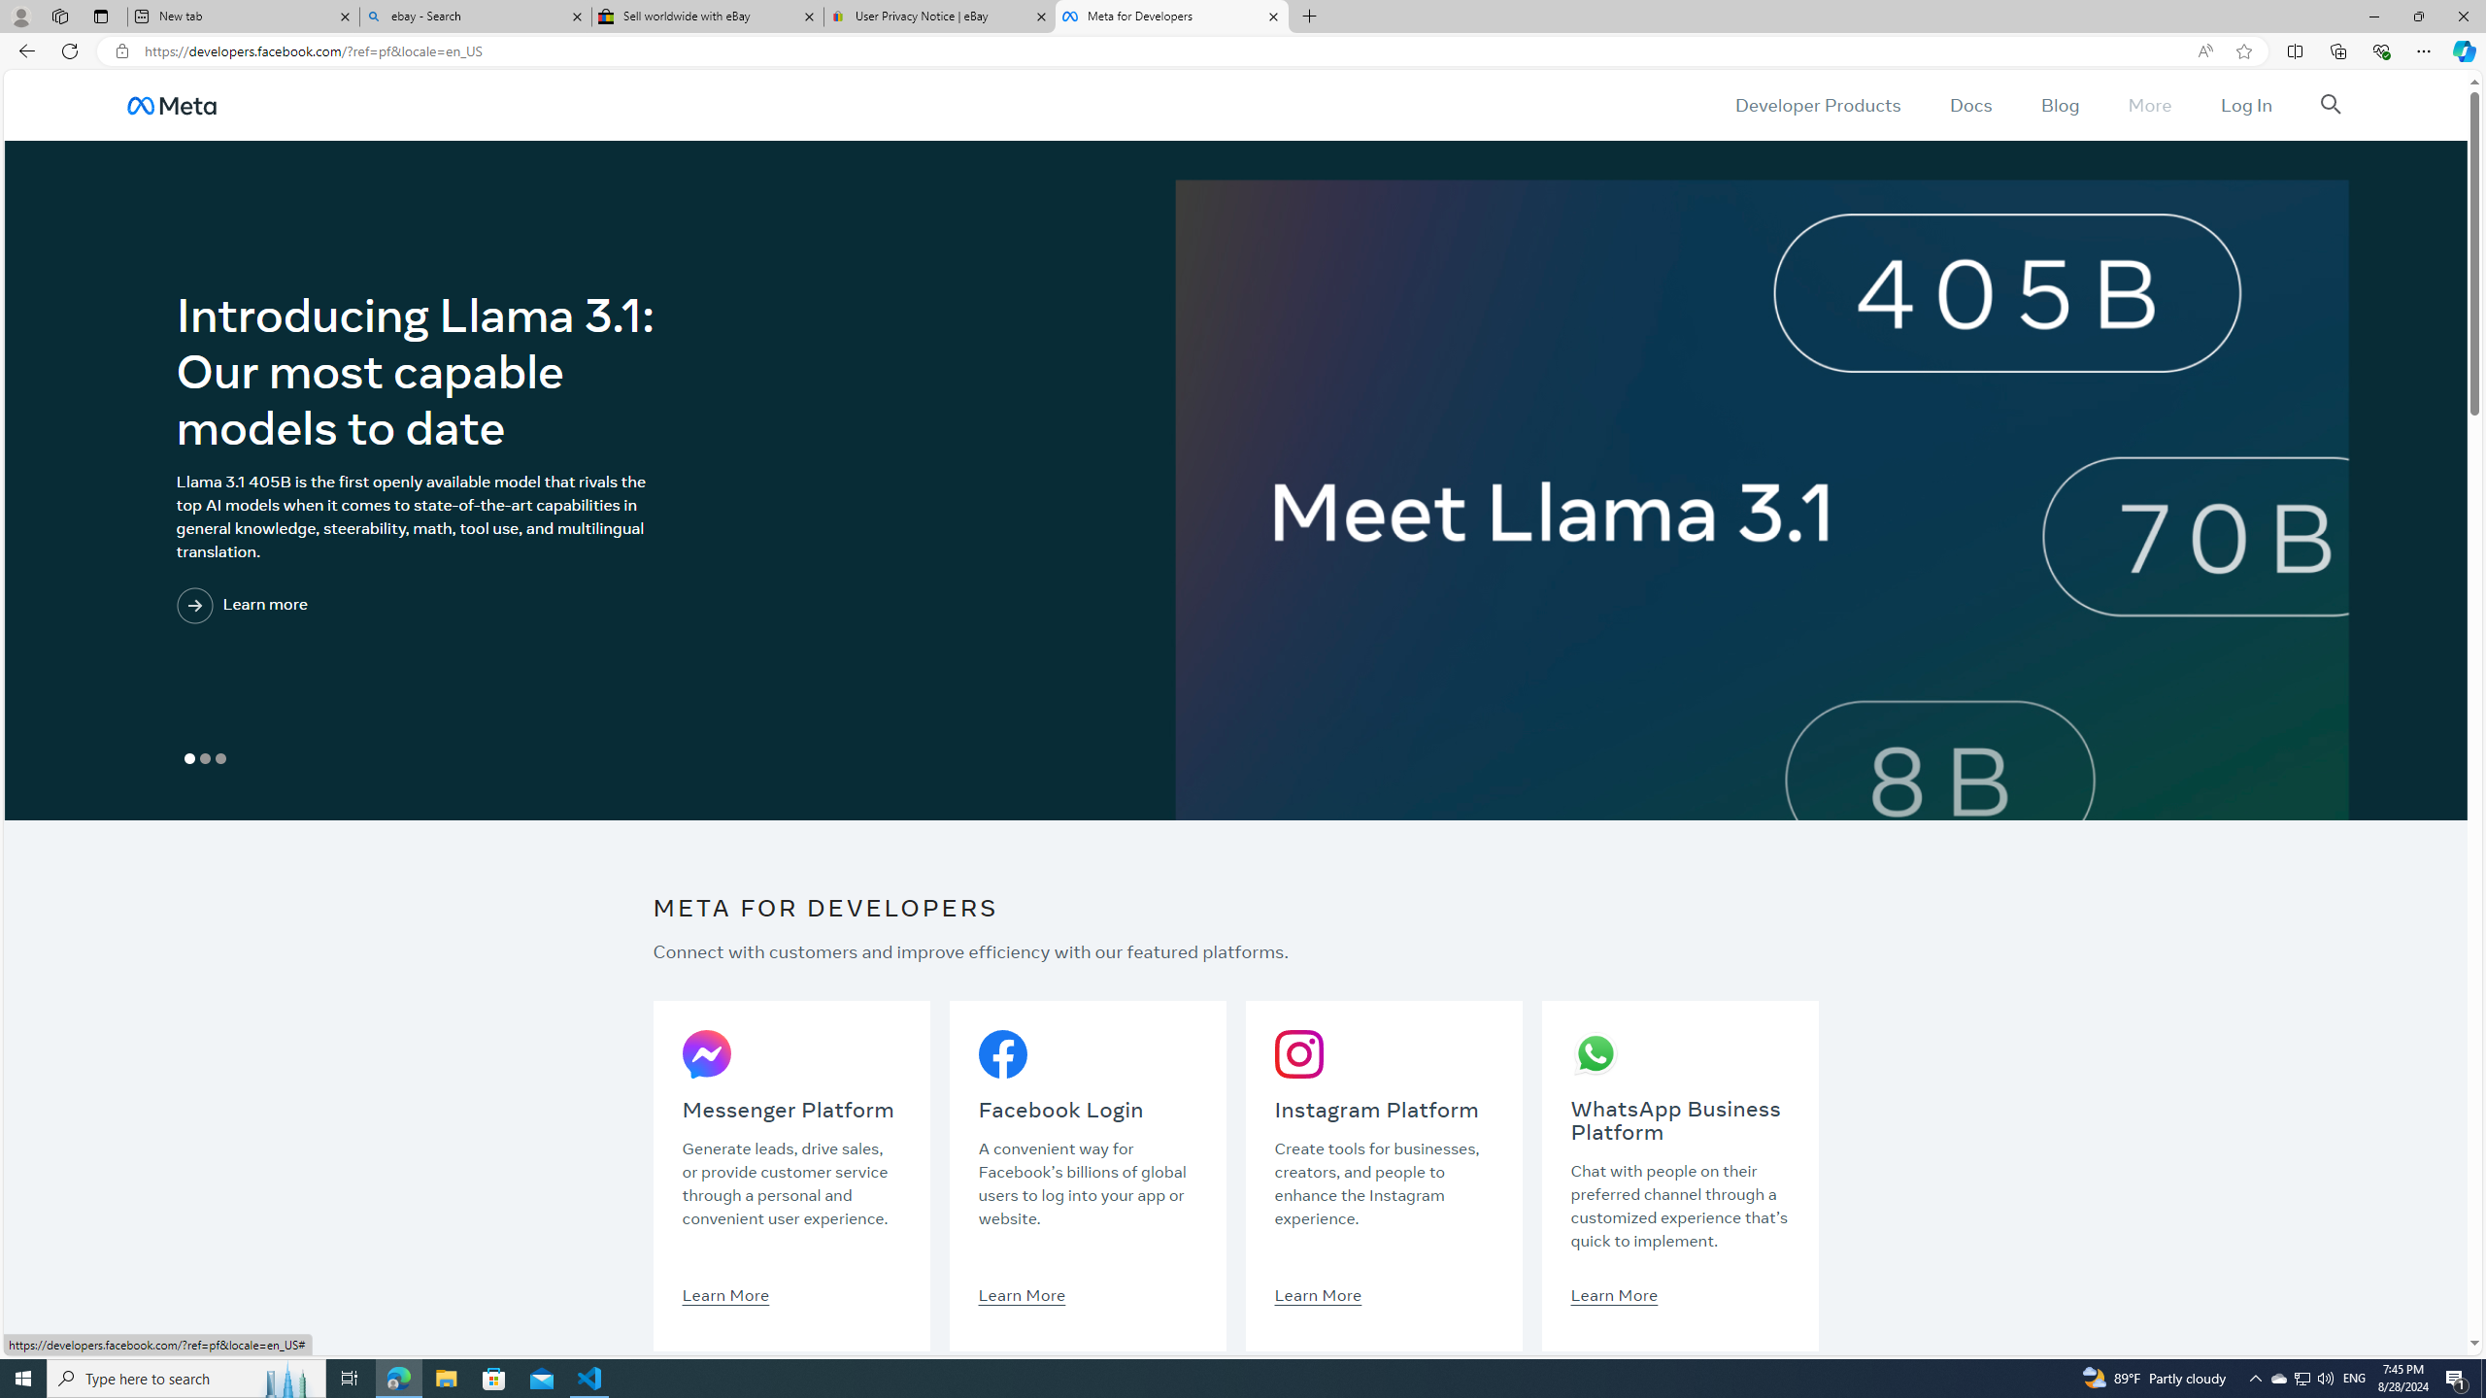 The image size is (2486, 1398). What do you see at coordinates (2058, 104) in the screenshot?
I see `'Blog'` at bounding box center [2058, 104].